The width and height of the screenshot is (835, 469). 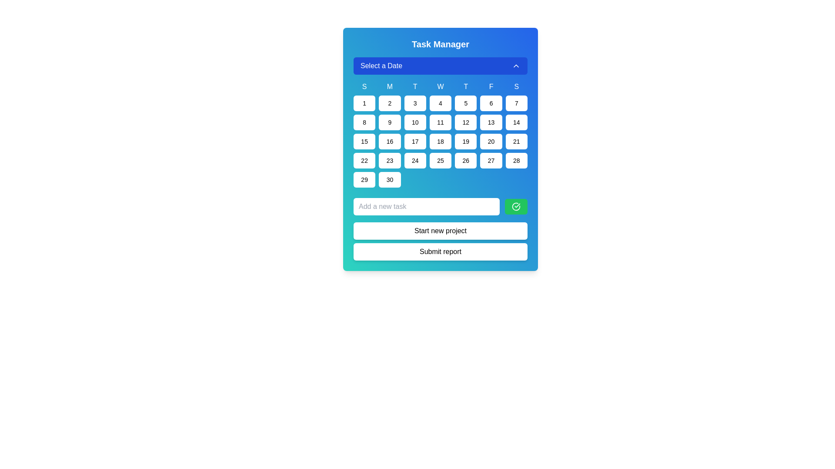 I want to click on the button representing the date '12' in the calendar grid below the 'Thursday' header, so click(x=465, y=122).